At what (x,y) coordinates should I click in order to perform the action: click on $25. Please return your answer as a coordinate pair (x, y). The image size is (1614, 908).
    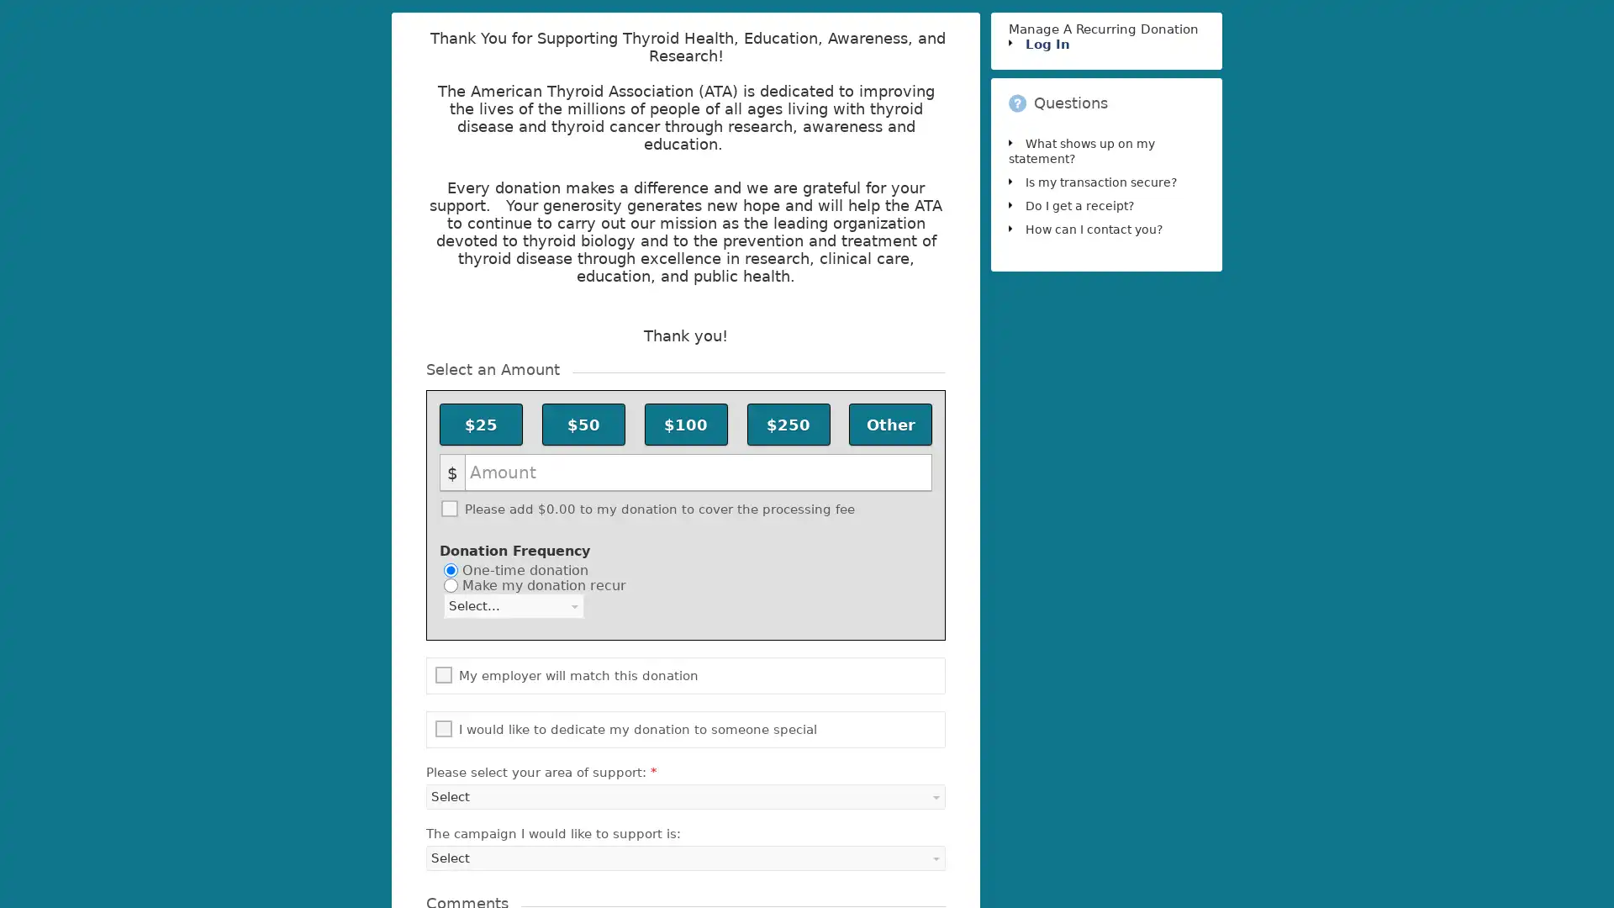
    Looking at the image, I should click on (480, 424).